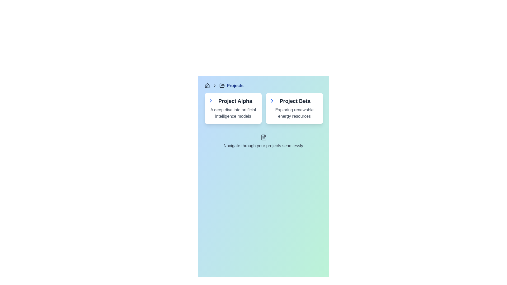 This screenshot has height=285, width=507. I want to click on the informational prompt text with an accompanying icon located below the 'Project Alpha' and 'Project Beta' cards, serving as guidance for navigation functionality, so click(264, 141).